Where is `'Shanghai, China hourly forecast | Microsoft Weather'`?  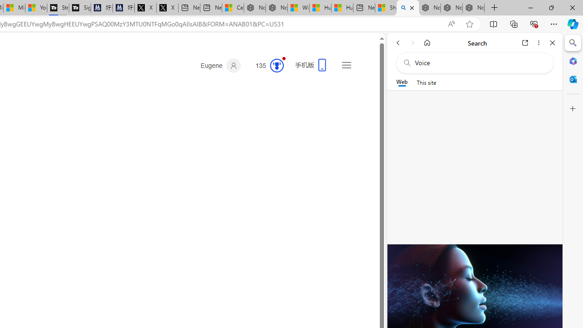
'Shanghai, China hourly forecast | Microsoft Weather' is located at coordinates (386, 8).